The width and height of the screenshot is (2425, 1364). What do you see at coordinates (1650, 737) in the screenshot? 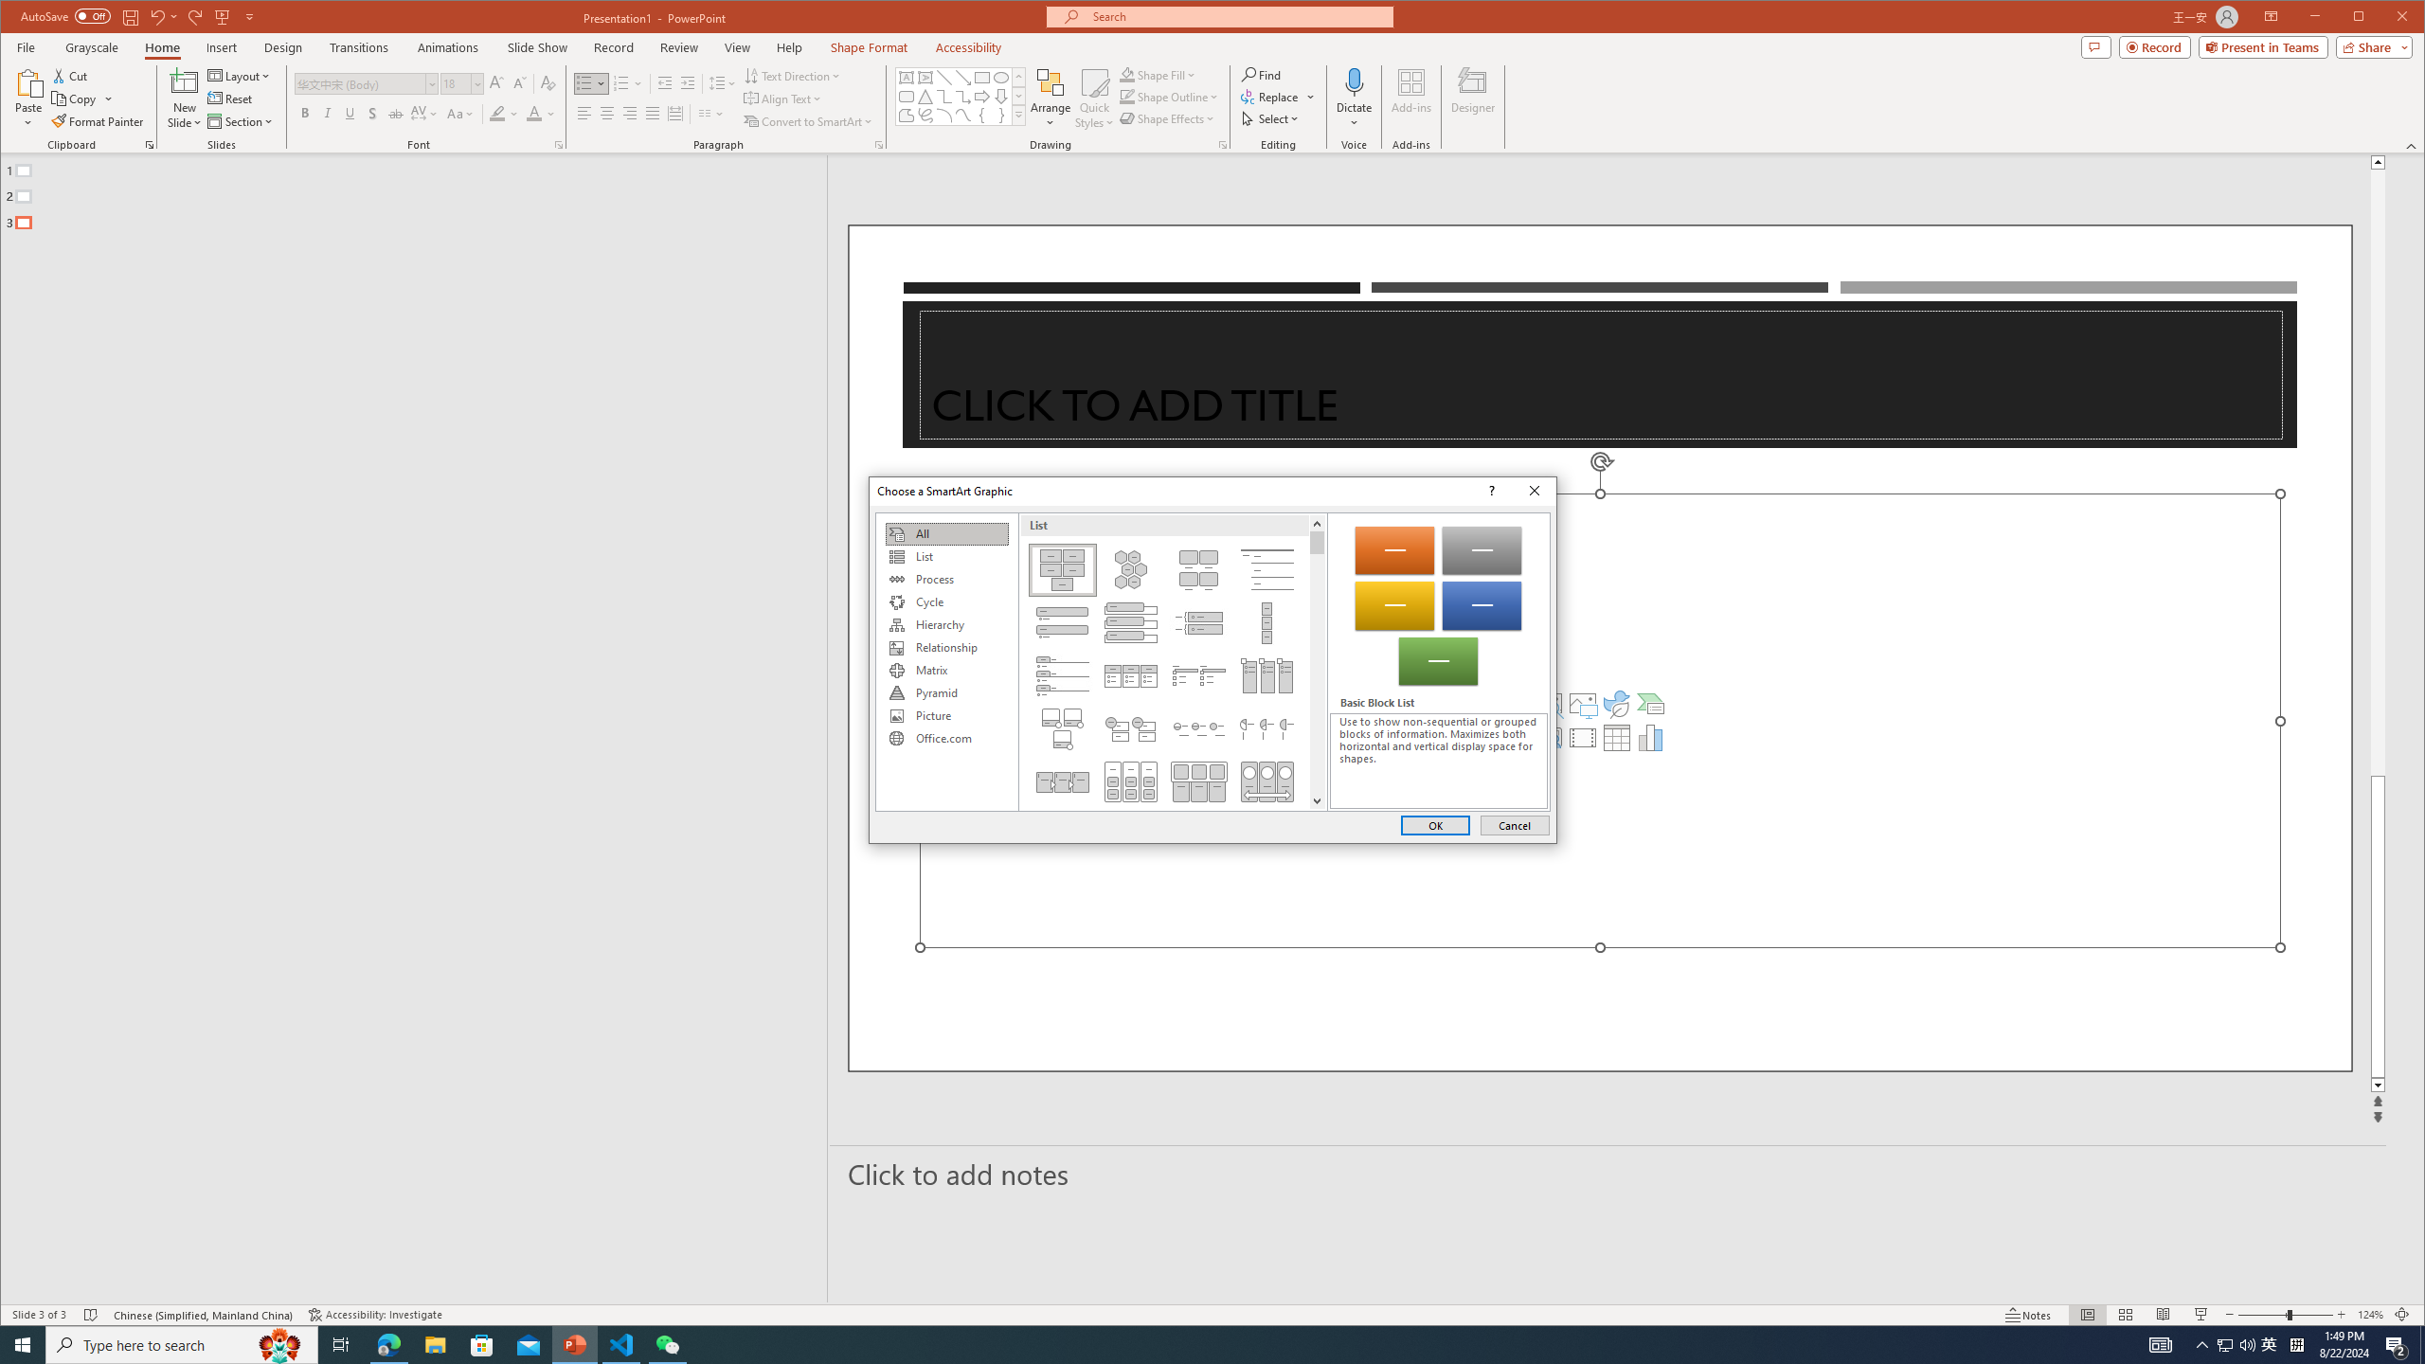
I see `'Insert Chart'` at bounding box center [1650, 737].